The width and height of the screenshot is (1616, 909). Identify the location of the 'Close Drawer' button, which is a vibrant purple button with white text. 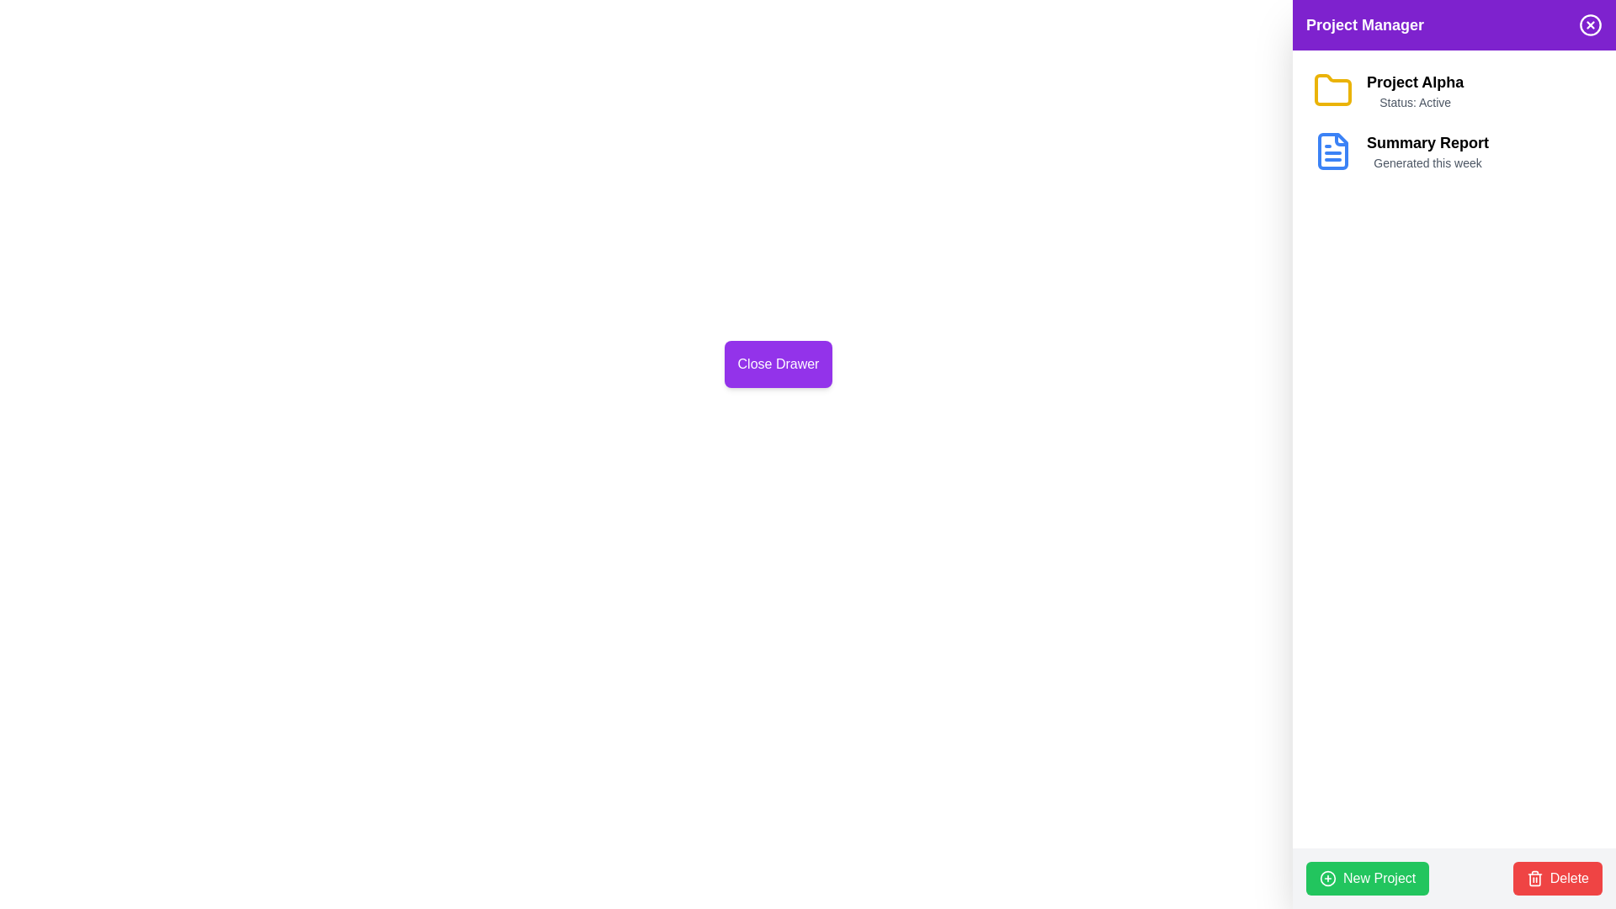
(778, 363).